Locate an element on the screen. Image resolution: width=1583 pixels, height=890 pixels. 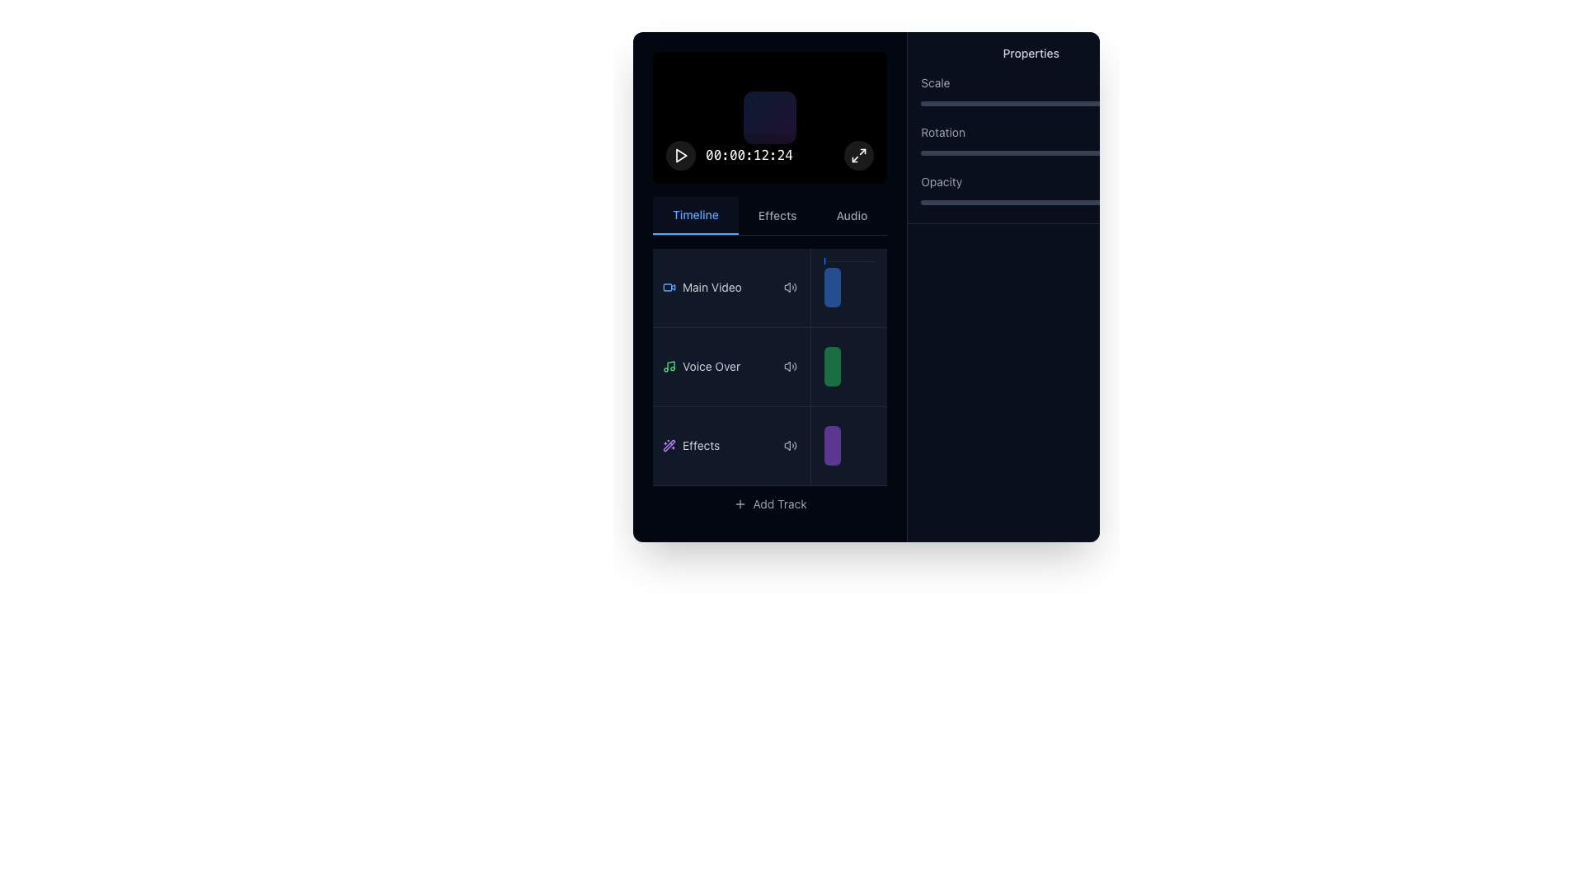
the volume control icon for the 'Main Video' track in the timeline section is located at coordinates (790, 286).